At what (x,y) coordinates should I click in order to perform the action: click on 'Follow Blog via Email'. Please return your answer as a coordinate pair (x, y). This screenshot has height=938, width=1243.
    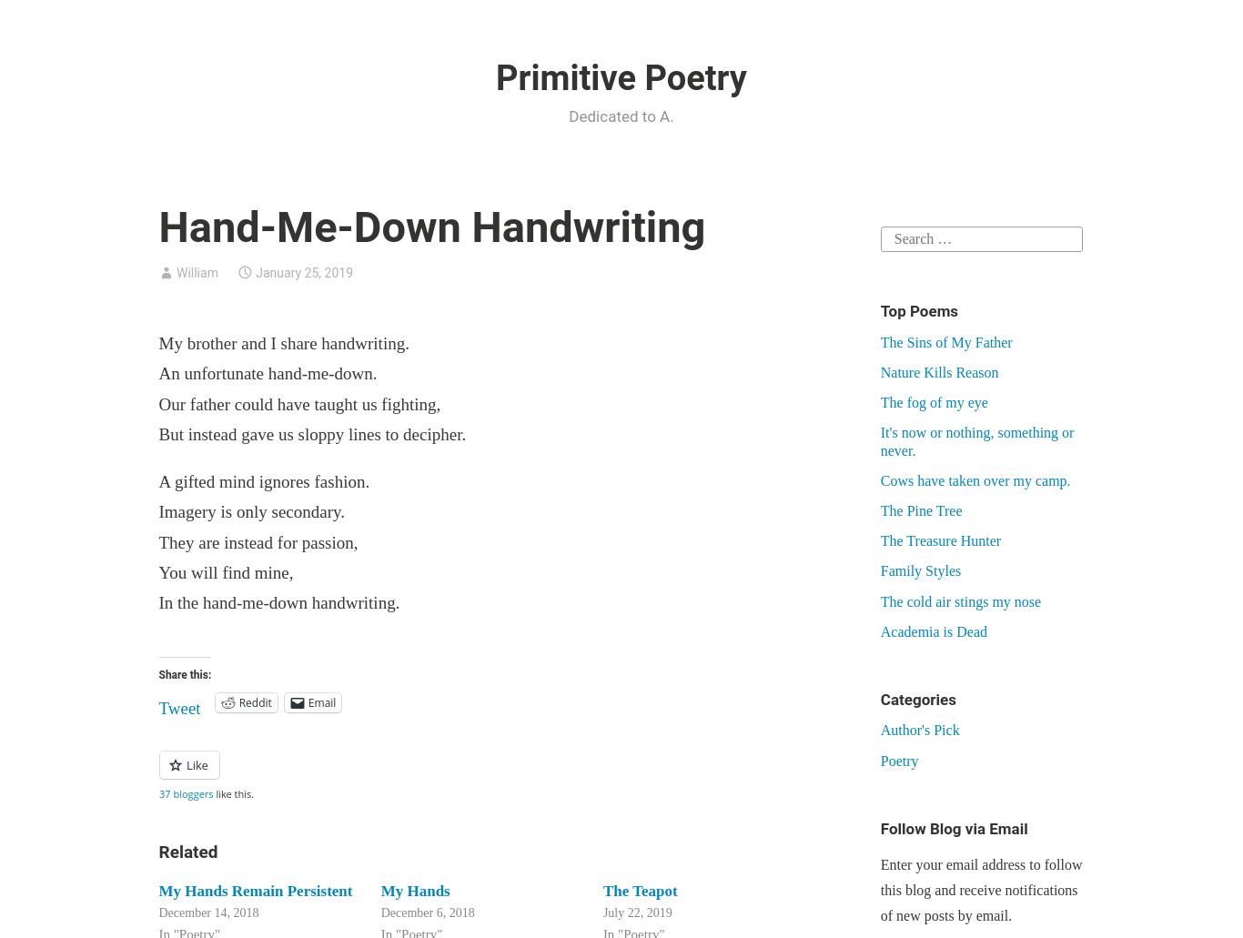
    Looking at the image, I should click on (952, 827).